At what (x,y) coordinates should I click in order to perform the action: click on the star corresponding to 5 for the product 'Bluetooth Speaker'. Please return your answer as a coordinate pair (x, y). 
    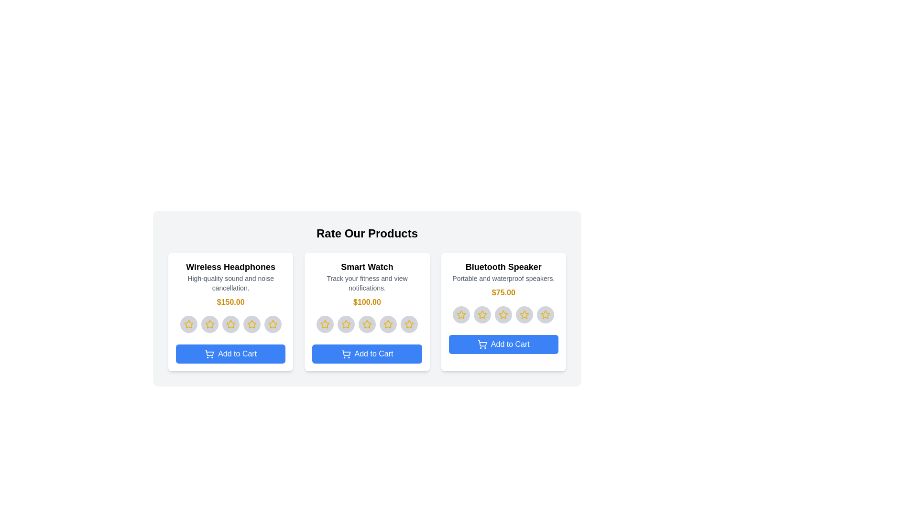
    Looking at the image, I should click on (546, 315).